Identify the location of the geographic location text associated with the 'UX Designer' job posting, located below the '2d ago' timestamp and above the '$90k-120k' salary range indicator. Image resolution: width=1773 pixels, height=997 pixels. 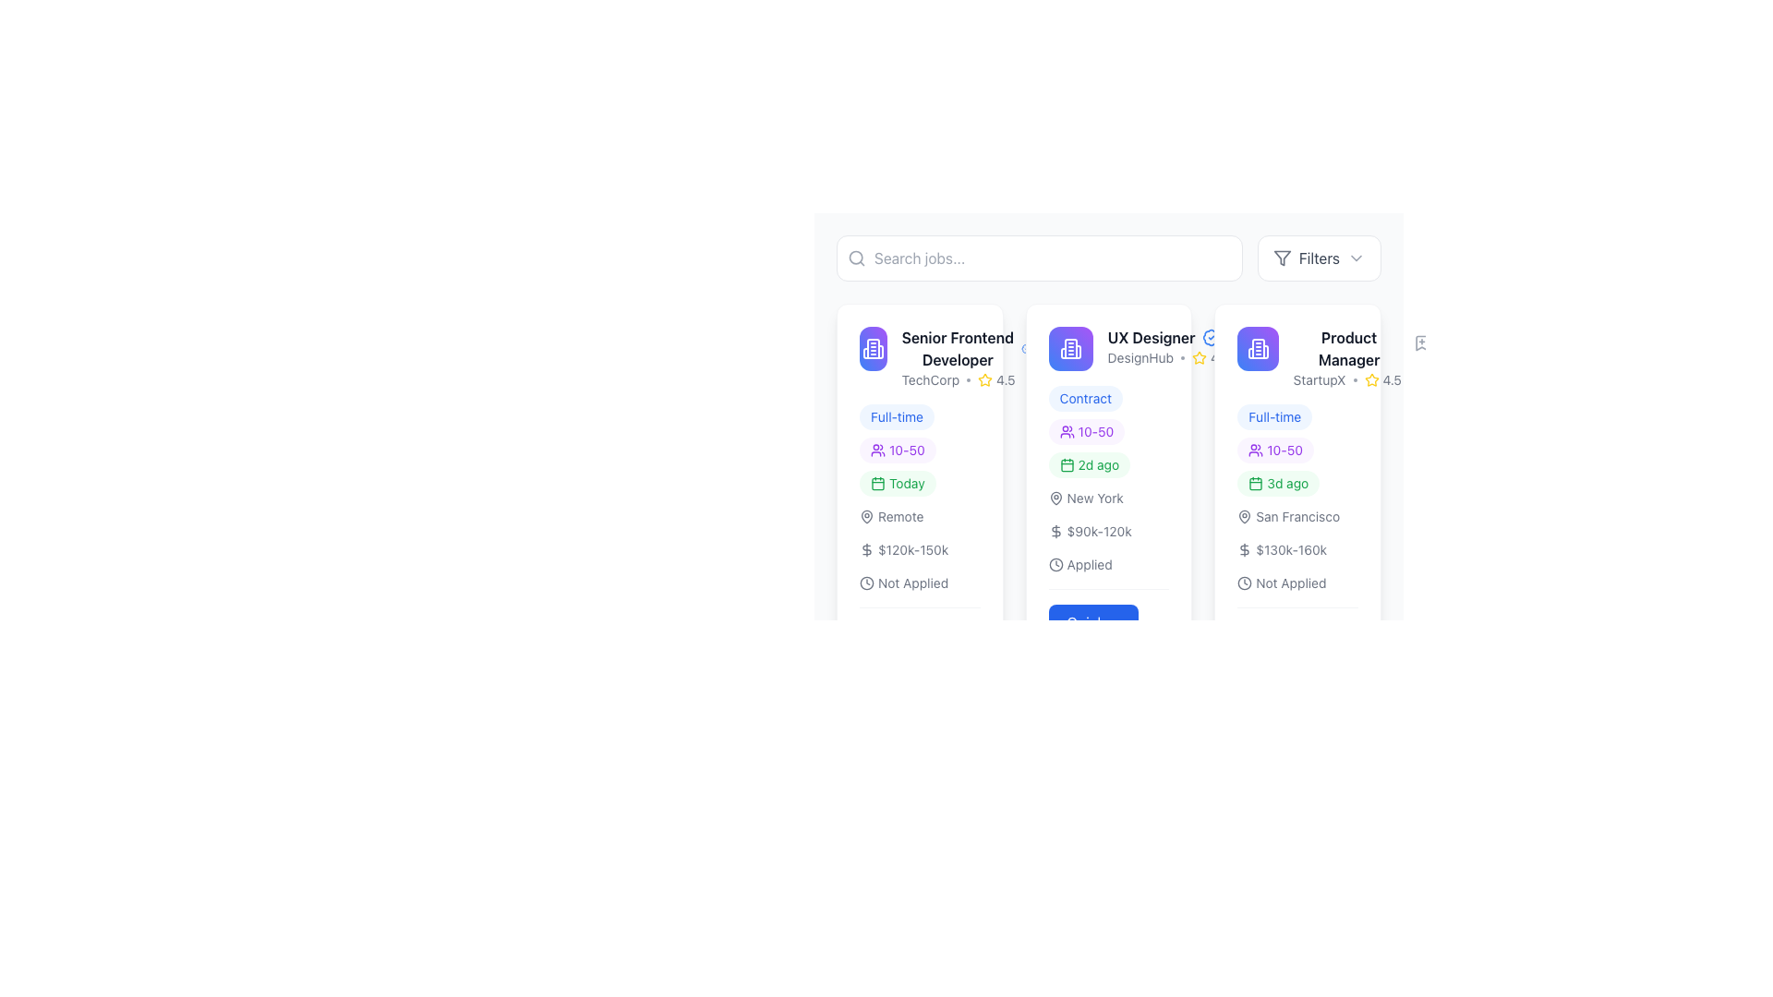
(1086, 498).